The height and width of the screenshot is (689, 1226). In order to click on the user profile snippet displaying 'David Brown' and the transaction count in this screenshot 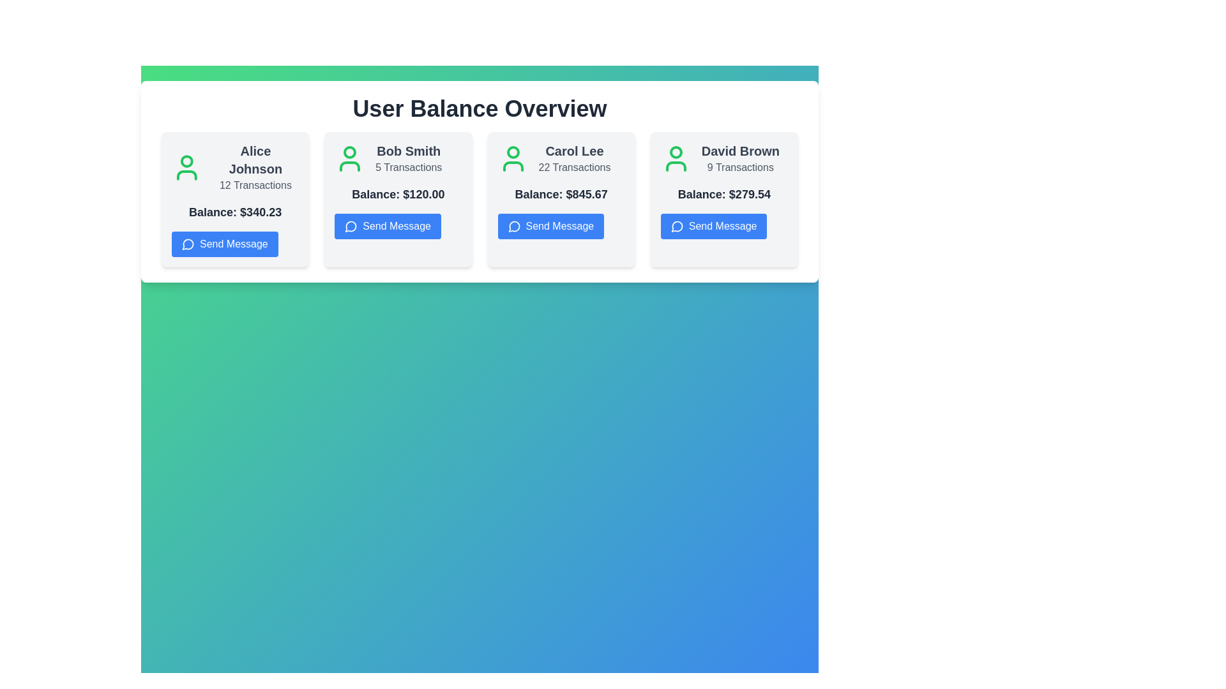, I will do `click(724, 158)`.